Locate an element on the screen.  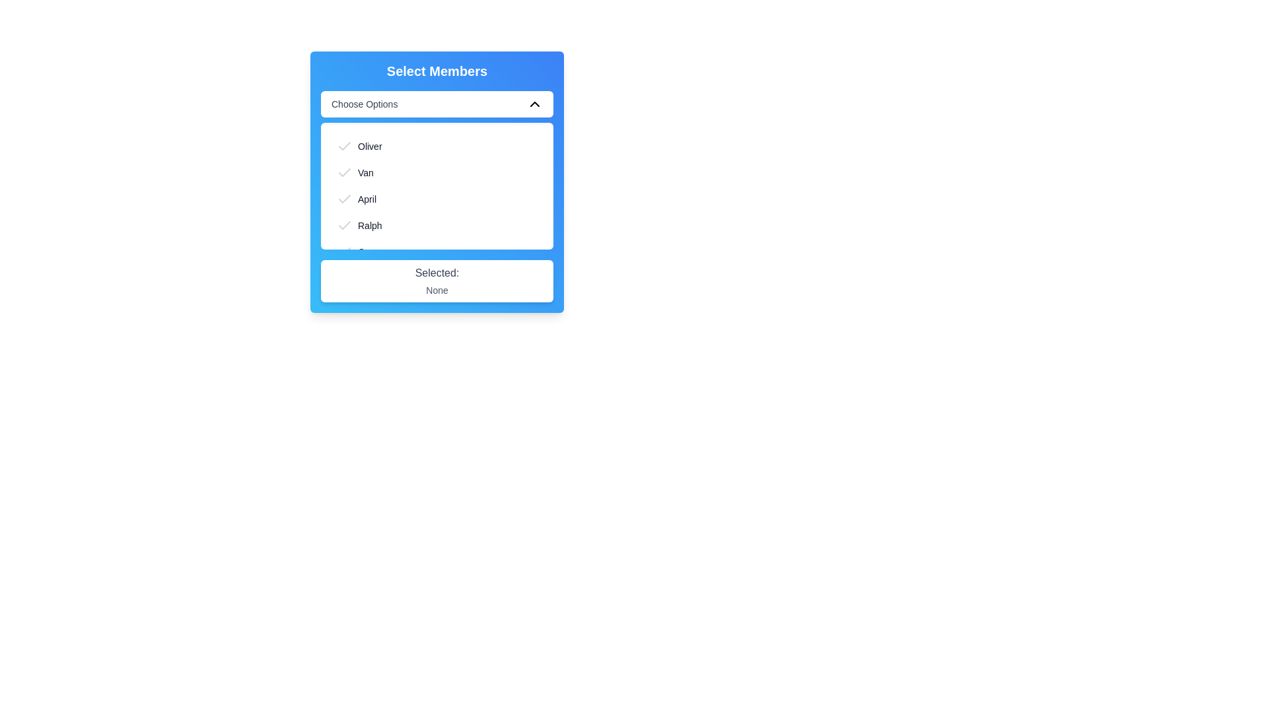
the selectable option labeled 'Oliver' within the dropdown list under the 'Select Members' section is located at coordinates (437, 147).